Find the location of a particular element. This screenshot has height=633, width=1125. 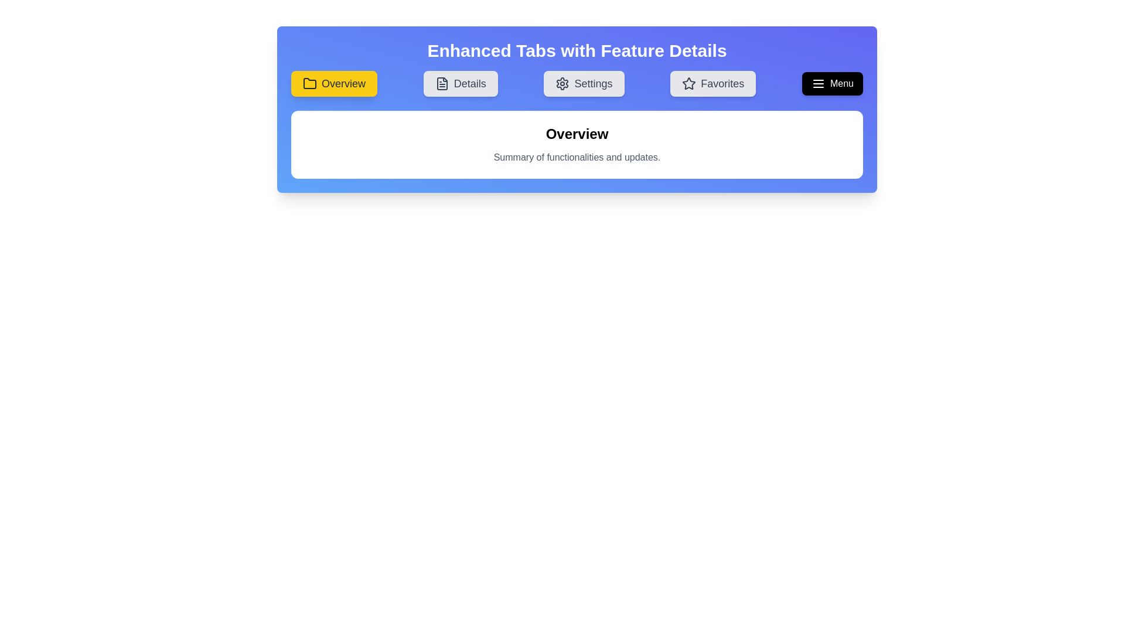

the 'Details' button with a gray background and rounded corners in the navigation bar is located at coordinates (460, 83).